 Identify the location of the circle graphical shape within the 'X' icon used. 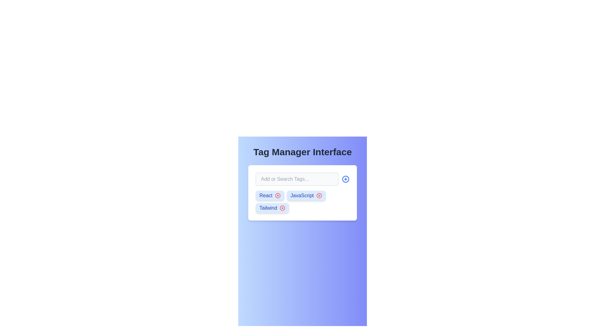
(282, 208).